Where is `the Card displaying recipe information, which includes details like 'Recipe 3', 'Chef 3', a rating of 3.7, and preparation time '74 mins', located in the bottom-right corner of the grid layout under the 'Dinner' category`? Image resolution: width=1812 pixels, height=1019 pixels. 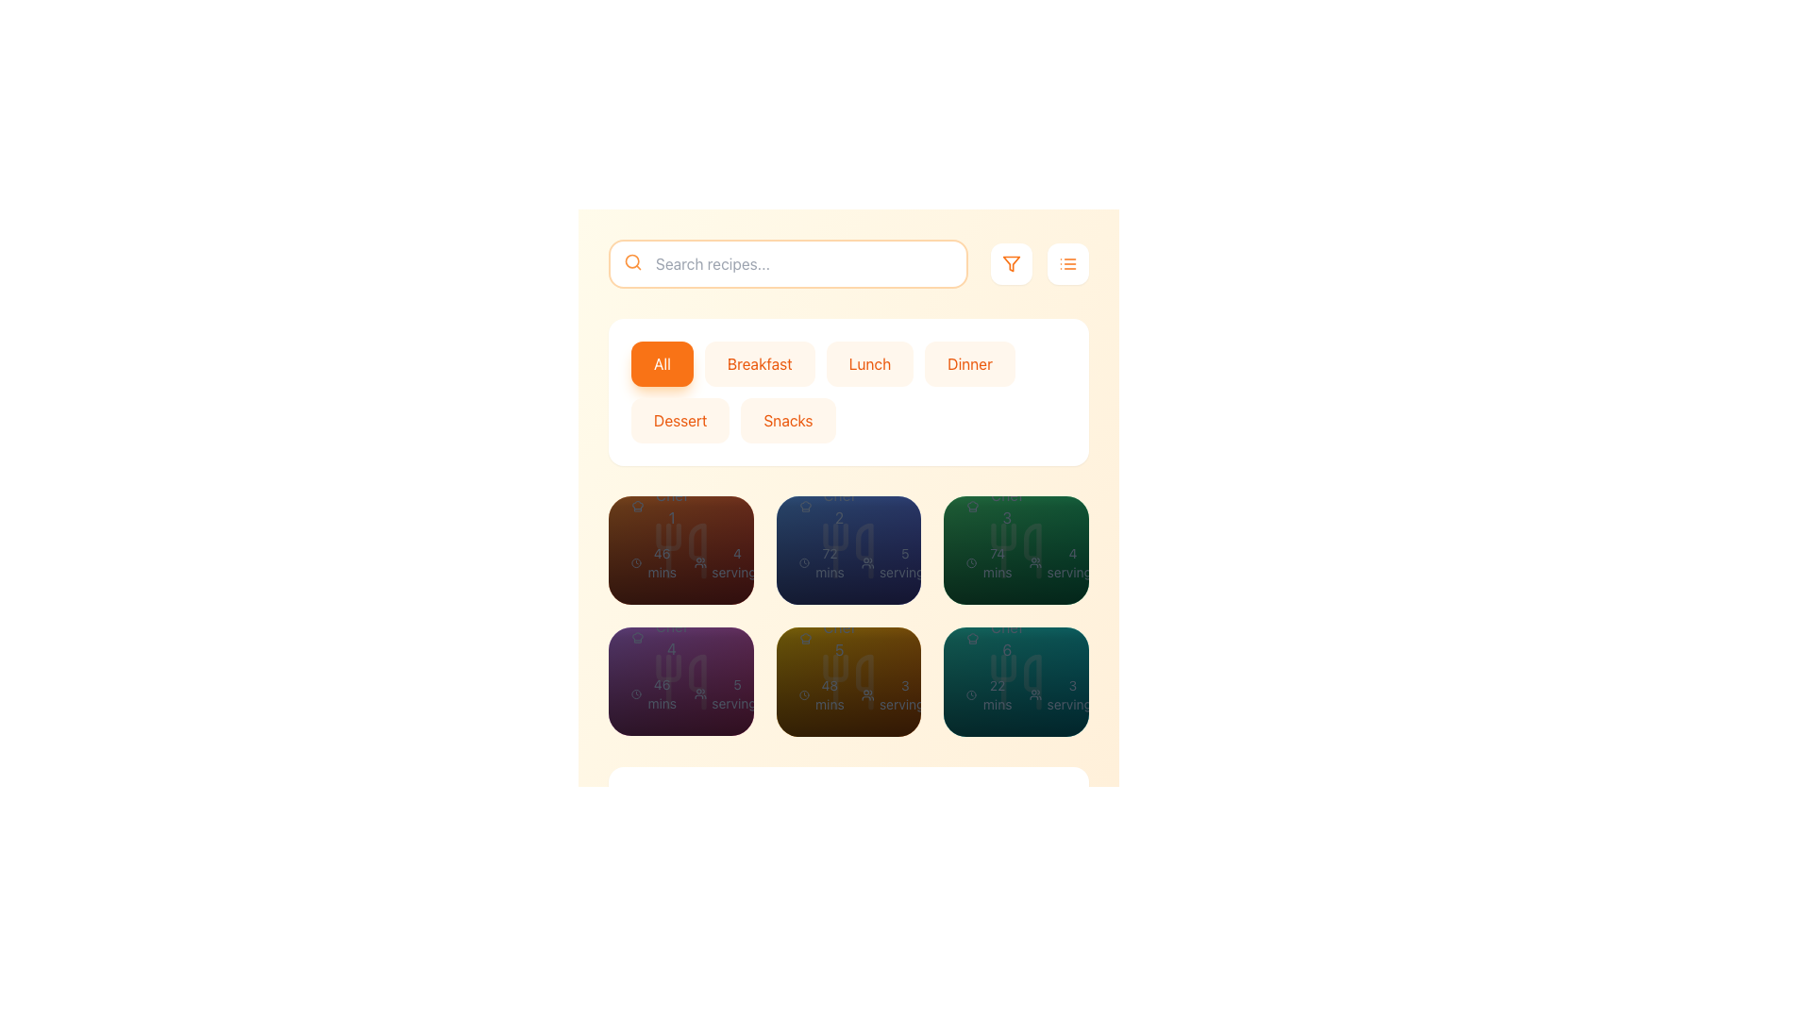 the Card displaying recipe information, which includes details like 'Recipe 3', 'Chef 3', a rating of 3.7, and preparation time '74 mins', located in the bottom-right corner of the grid layout under the 'Dinner' category is located at coordinates (1015, 506).